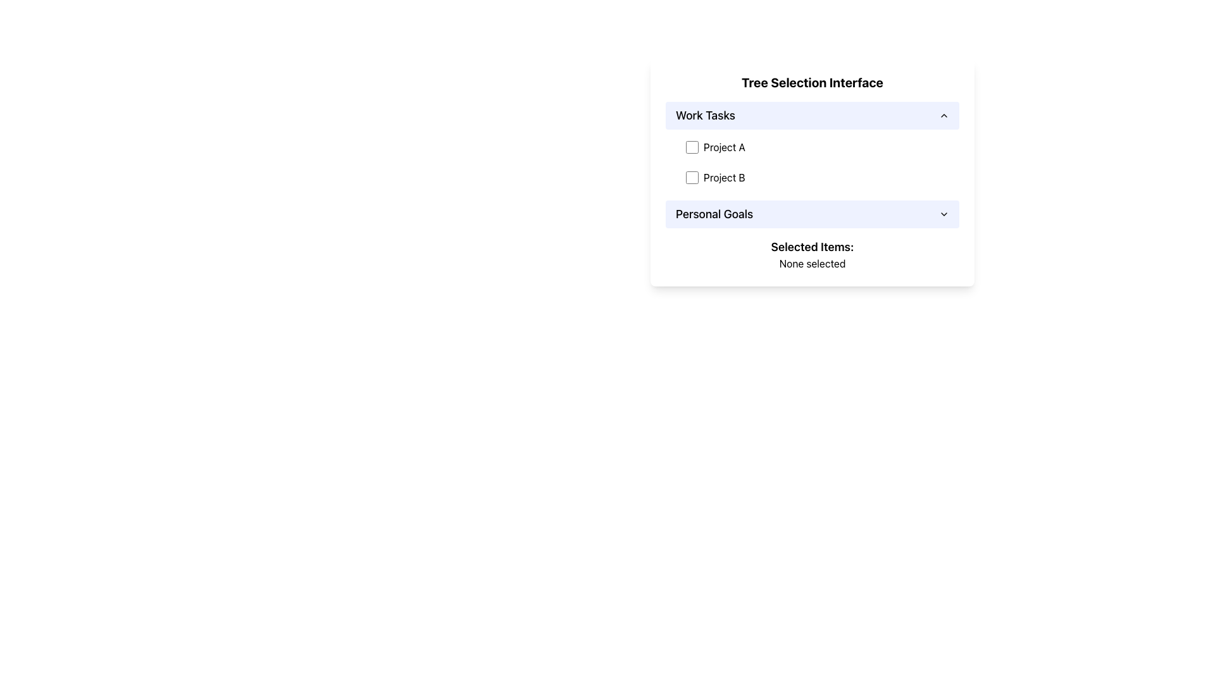 This screenshot has width=1215, height=683. What do you see at coordinates (944, 115) in the screenshot?
I see `the toggle button icon located to the right of the blue-highlighted 'Work Tasks' button` at bounding box center [944, 115].